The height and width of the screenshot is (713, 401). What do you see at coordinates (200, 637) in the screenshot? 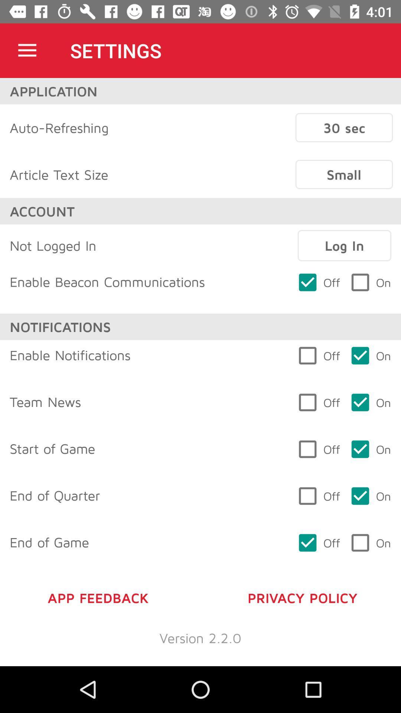
I see `version 2 2 item` at bounding box center [200, 637].